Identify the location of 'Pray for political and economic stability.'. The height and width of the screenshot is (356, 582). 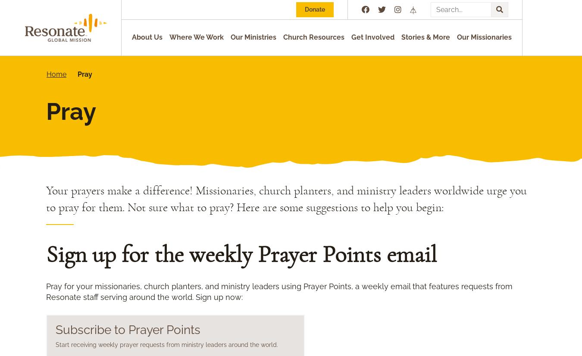
(143, 156).